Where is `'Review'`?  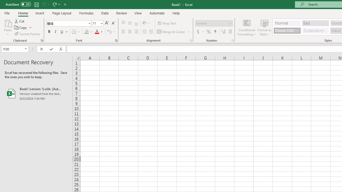
'Review' is located at coordinates (121, 13).